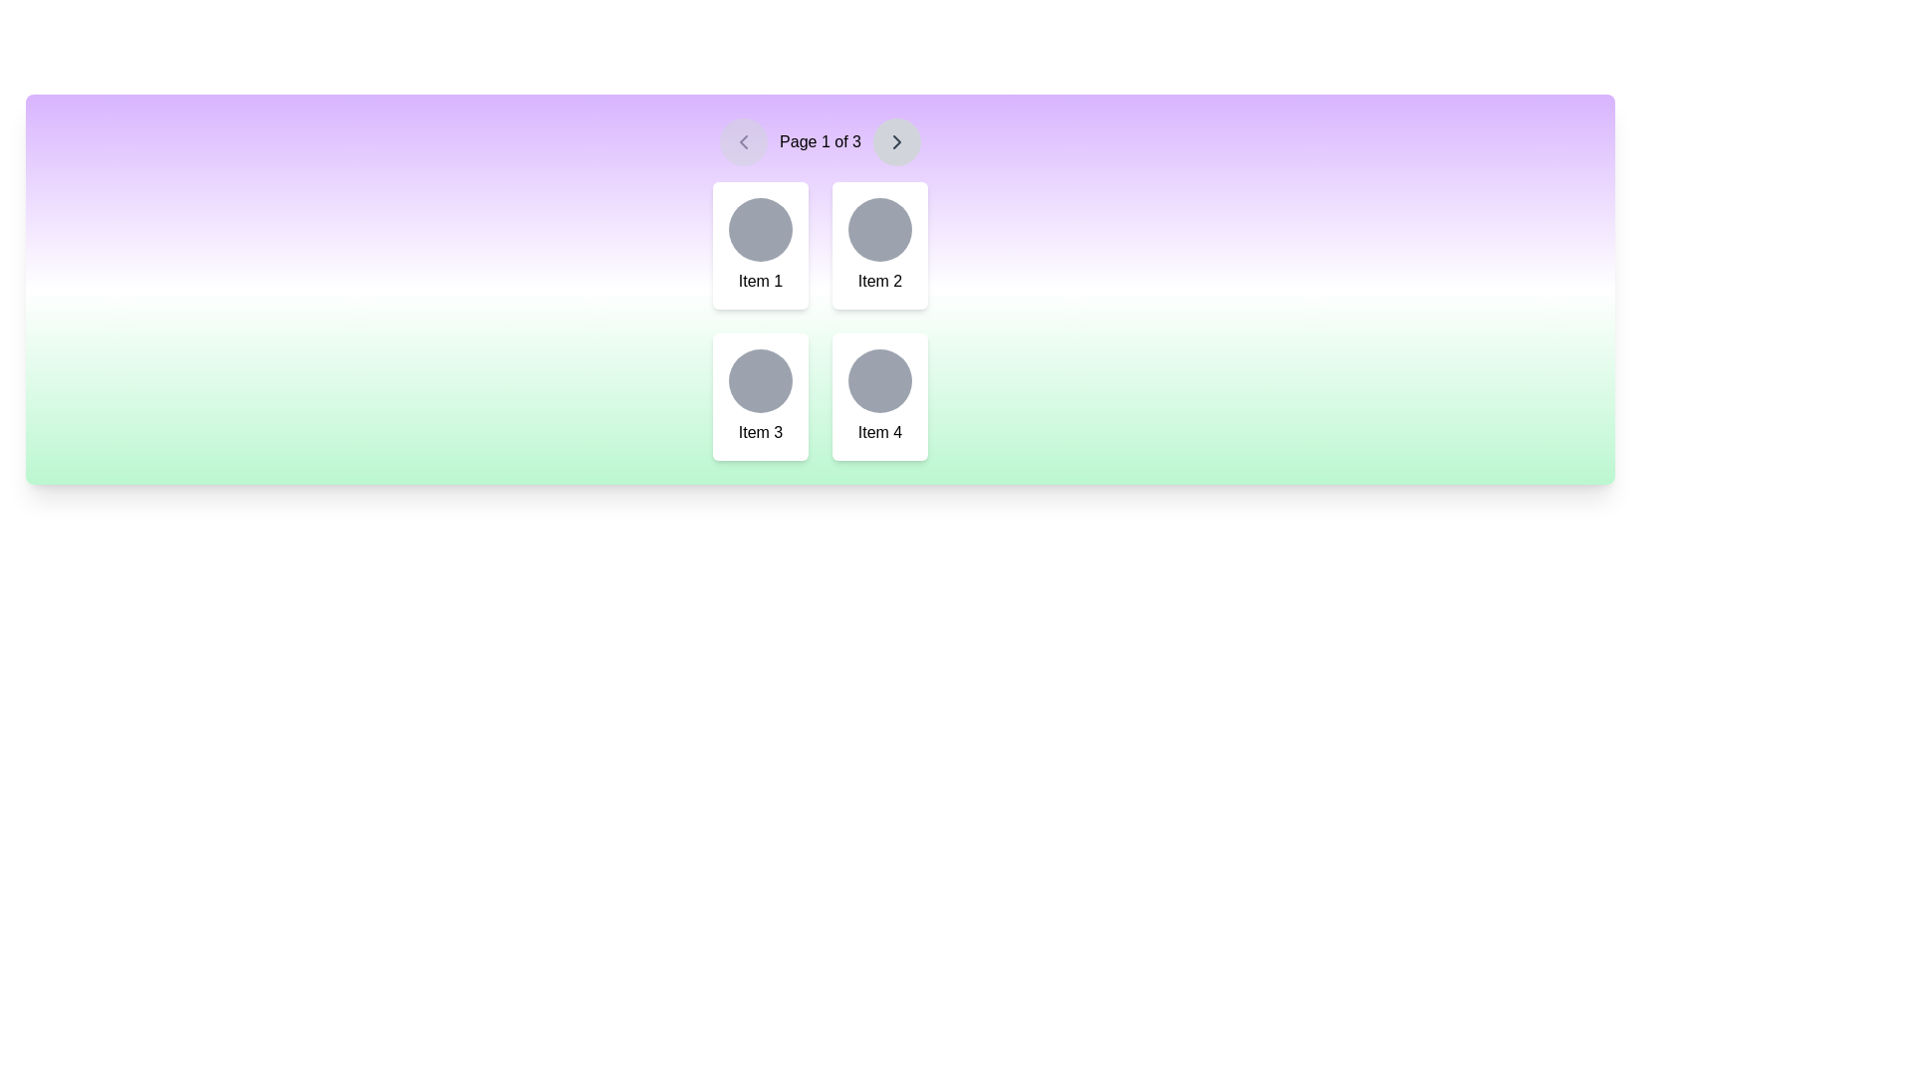  Describe the element at coordinates (743, 140) in the screenshot. I see `the Chevron left icon located in the navigation section` at that location.